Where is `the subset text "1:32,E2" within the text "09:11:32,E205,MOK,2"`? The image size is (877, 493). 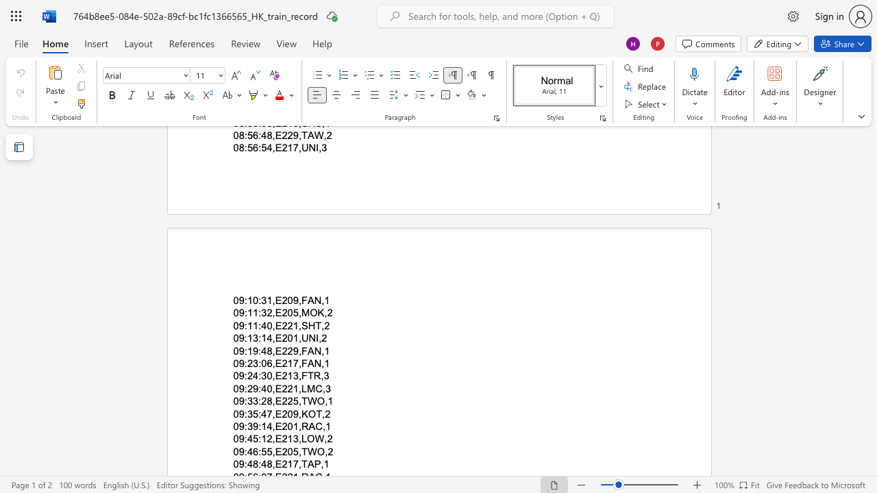
the subset text "1:32,E2" within the text "09:11:32,E205,MOK,2" is located at coordinates (253, 313).